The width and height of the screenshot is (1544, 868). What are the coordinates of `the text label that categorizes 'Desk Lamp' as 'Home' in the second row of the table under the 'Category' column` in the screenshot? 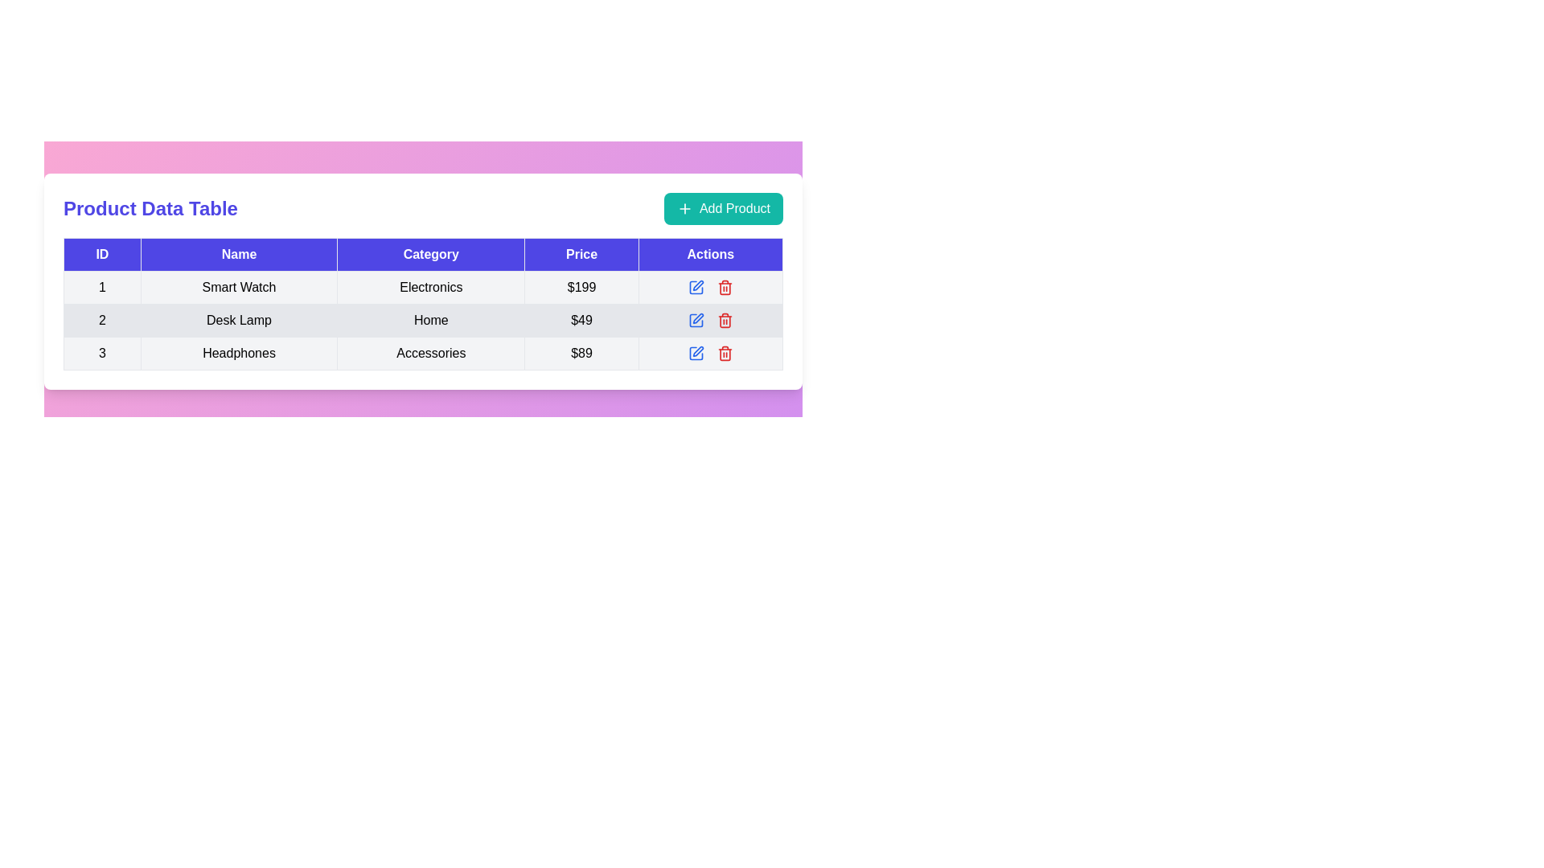 It's located at (431, 320).